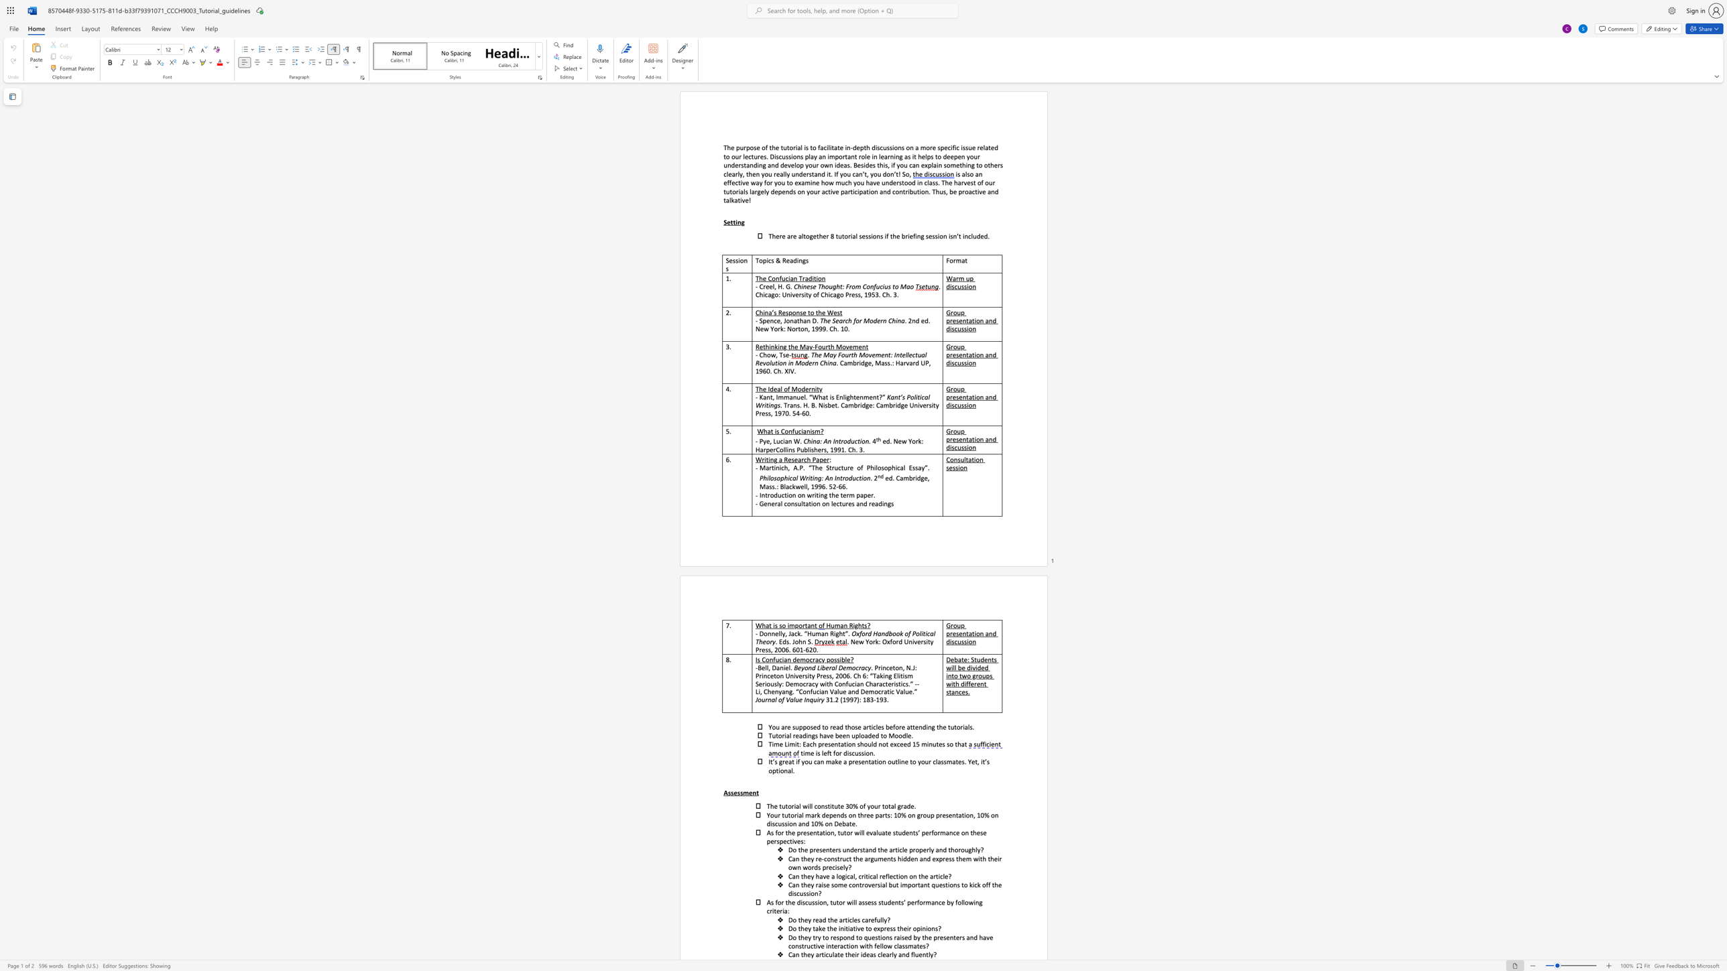 Image resolution: width=1727 pixels, height=971 pixels. What do you see at coordinates (788, 692) in the screenshot?
I see `the subset text "g. “Confucian Value and Democratic" within the text "Seriously: Democracy with Confucian Characteristics.” --Li, Chenyang. “Confucian Value and Democratic Value.”"` at bounding box center [788, 692].